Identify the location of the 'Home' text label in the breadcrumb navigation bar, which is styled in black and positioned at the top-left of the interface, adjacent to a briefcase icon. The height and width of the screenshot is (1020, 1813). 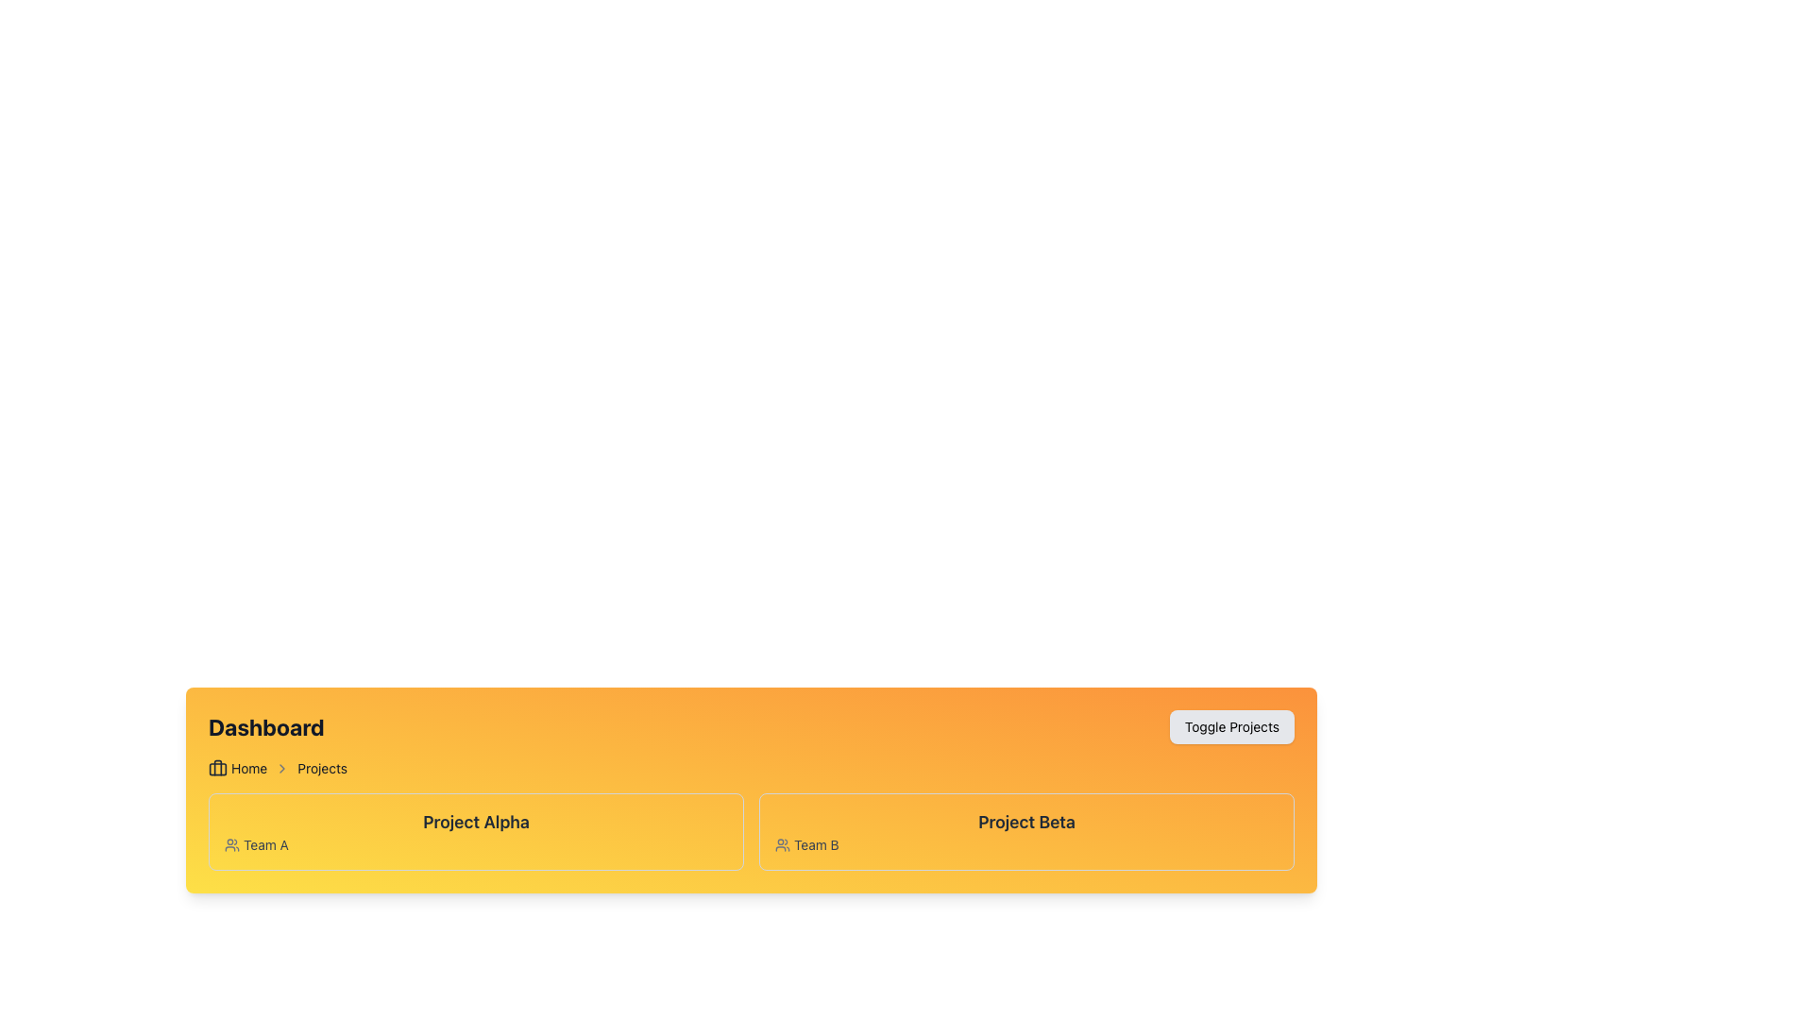
(237, 768).